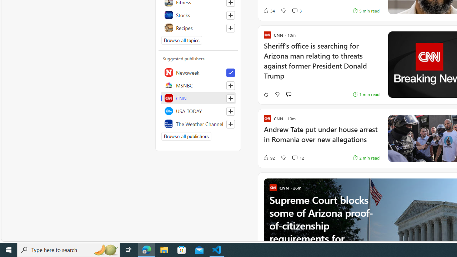 This screenshot has height=257, width=457. What do you see at coordinates (298, 157) in the screenshot?
I see `'View comments 12 Comment'` at bounding box center [298, 157].